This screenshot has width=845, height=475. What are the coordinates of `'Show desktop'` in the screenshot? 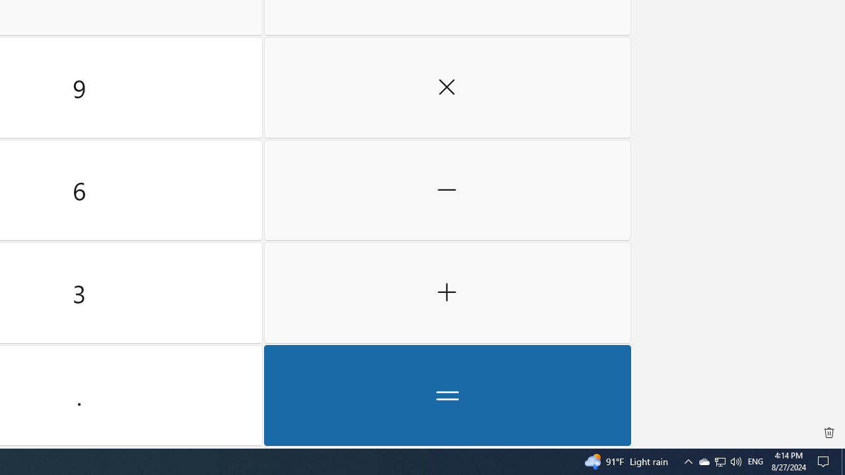 It's located at (842, 460).